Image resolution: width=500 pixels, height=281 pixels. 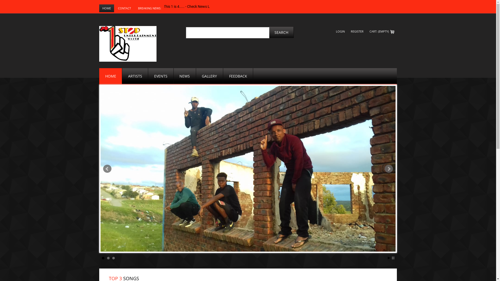 I want to click on 'Next', so click(x=389, y=169).